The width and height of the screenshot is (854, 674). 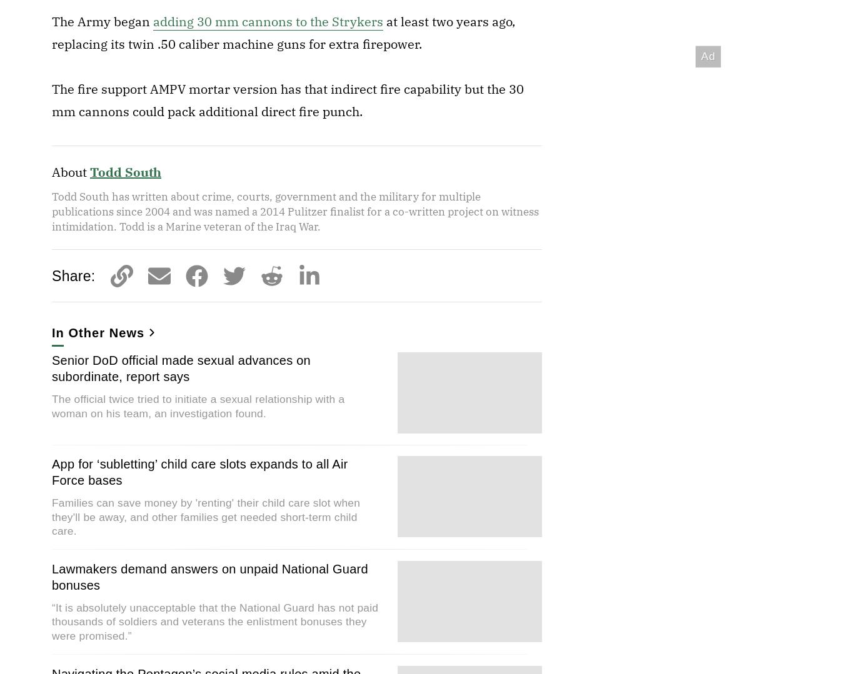 I want to click on 'Share:', so click(x=73, y=275).